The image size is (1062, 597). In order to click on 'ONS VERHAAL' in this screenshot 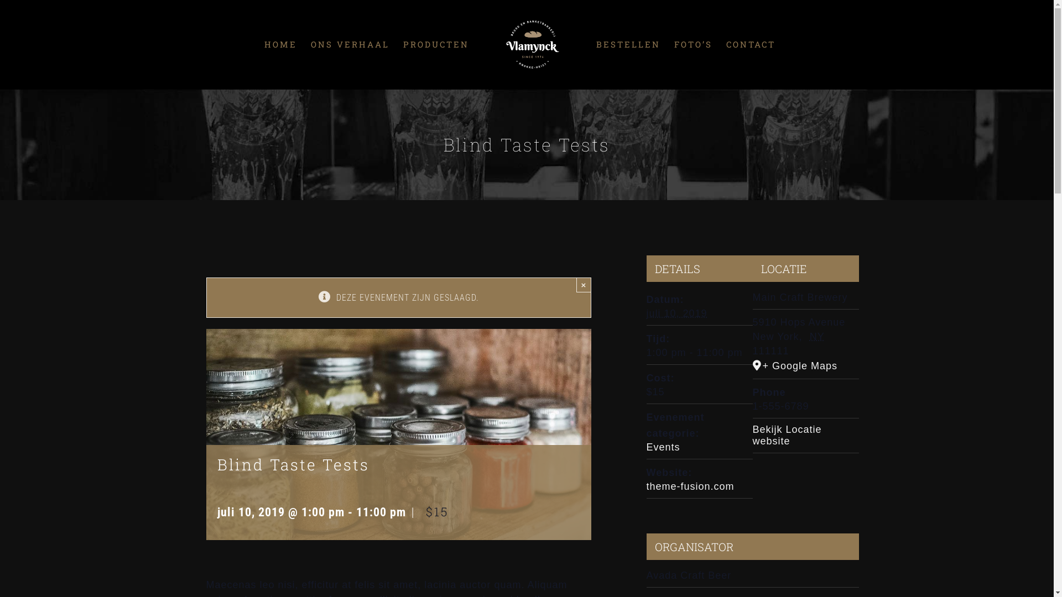, I will do `click(350, 44)`.